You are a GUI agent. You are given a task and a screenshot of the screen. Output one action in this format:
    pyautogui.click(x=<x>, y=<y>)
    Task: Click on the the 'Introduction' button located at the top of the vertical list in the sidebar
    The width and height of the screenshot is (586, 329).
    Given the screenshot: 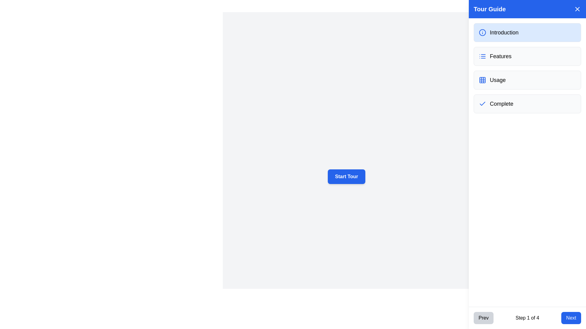 What is the action you would take?
    pyautogui.click(x=527, y=33)
    